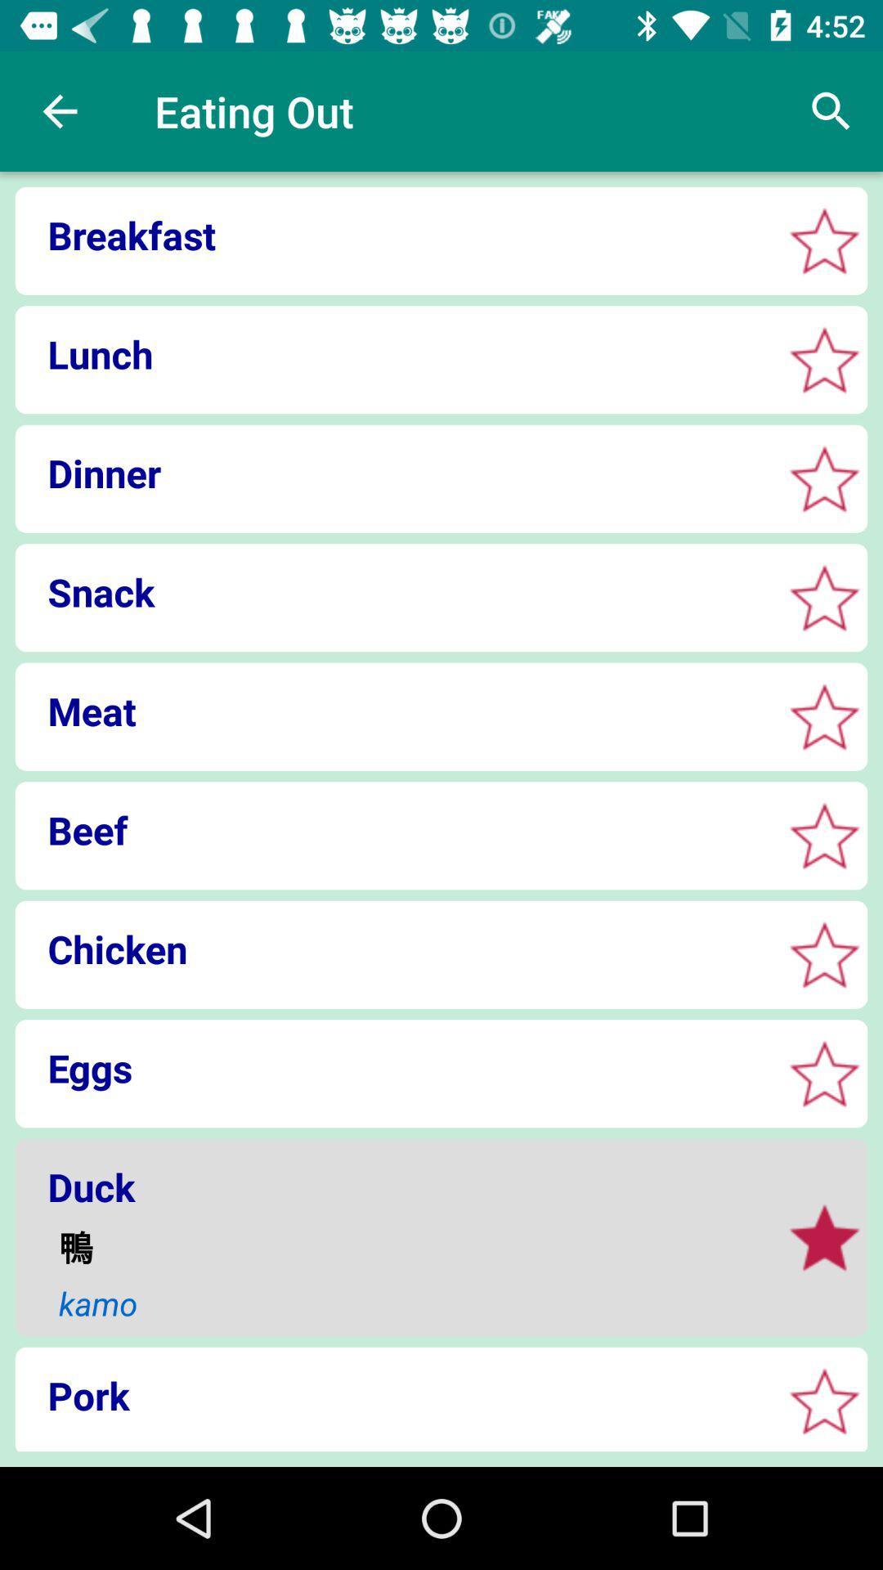 The height and width of the screenshot is (1570, 883). I want to click on favorite, so click(824, 597).